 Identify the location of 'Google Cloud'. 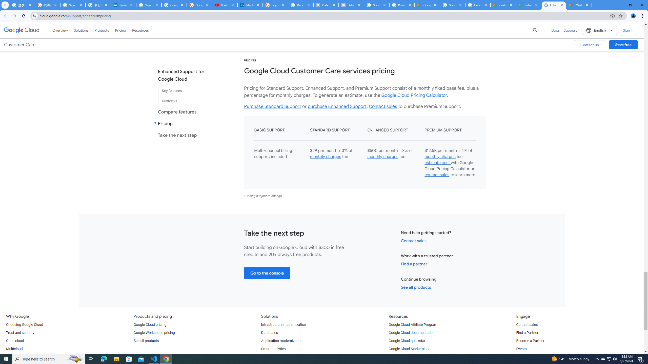
(22, 30).